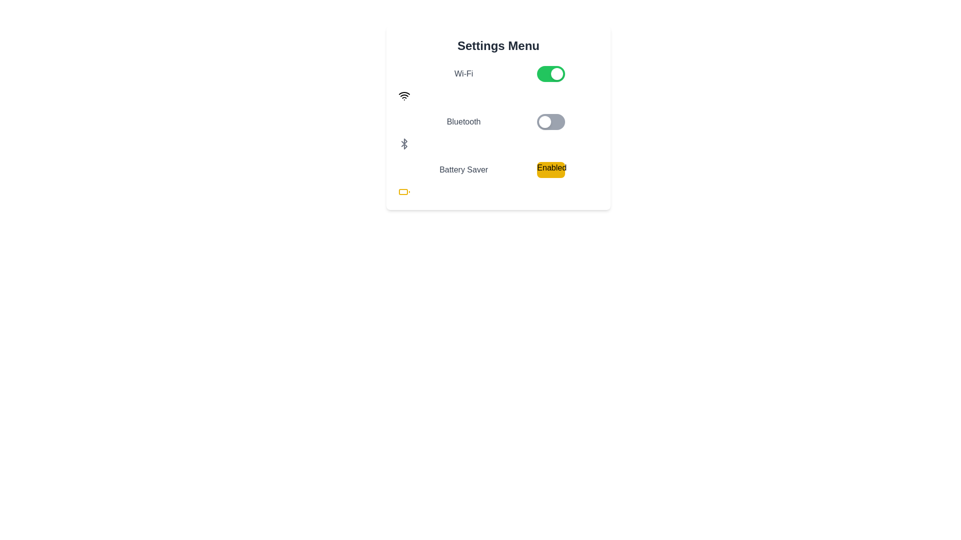 The image size is (961, 540). What do you see at coordinates (499, 179) in the screenshot?
I see `the 'Battery Saver' status indicator within the 'Settings Menu' card` at bounding box center [499, 179].